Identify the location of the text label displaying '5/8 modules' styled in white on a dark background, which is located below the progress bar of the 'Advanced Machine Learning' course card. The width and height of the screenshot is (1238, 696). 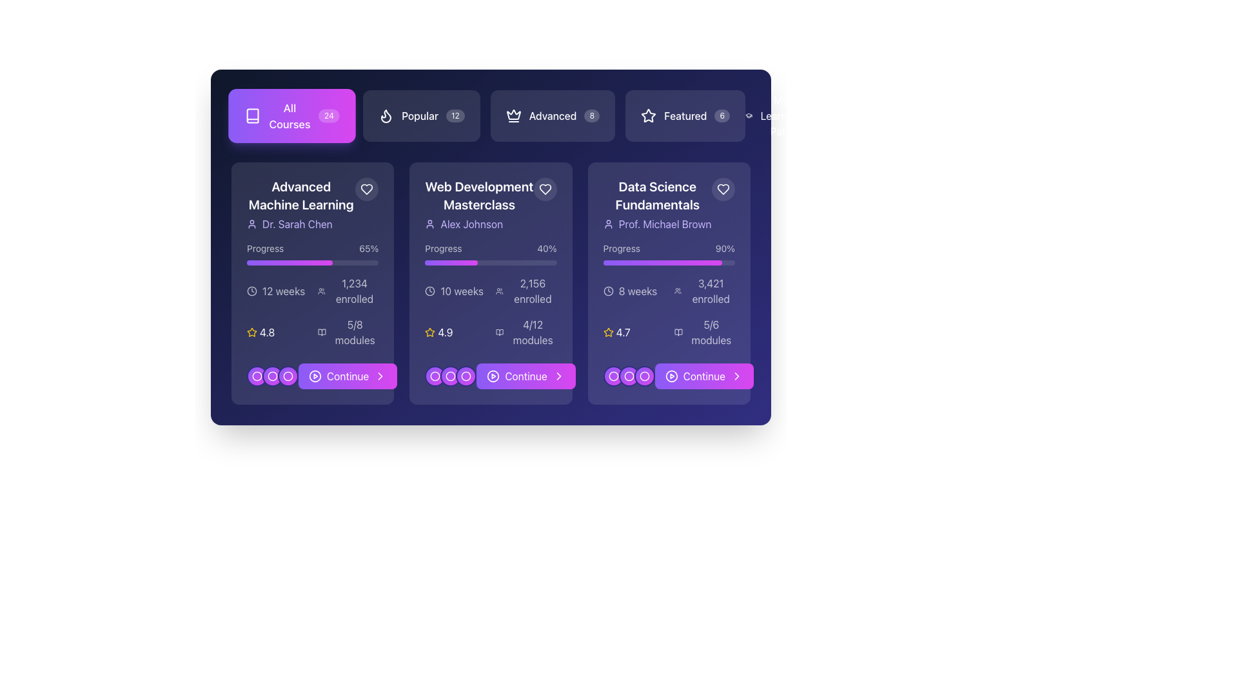
(355, 332).